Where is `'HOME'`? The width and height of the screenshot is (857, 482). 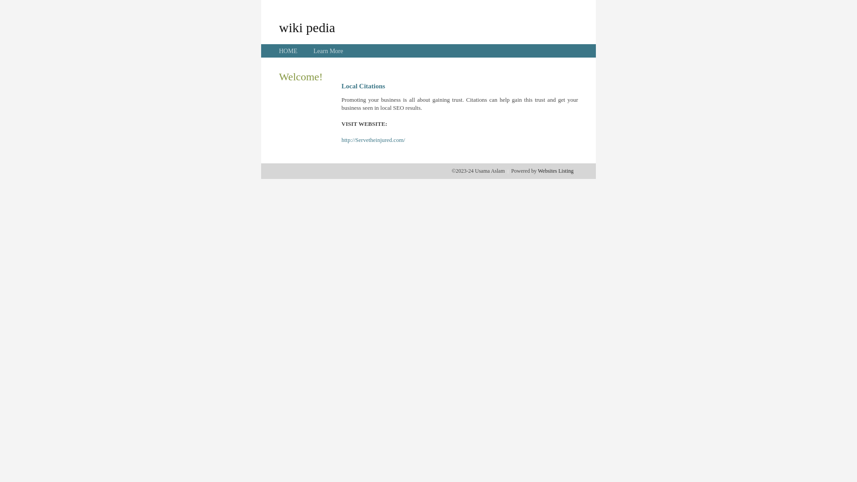
'HOME' is located at coordinates (278, 51).